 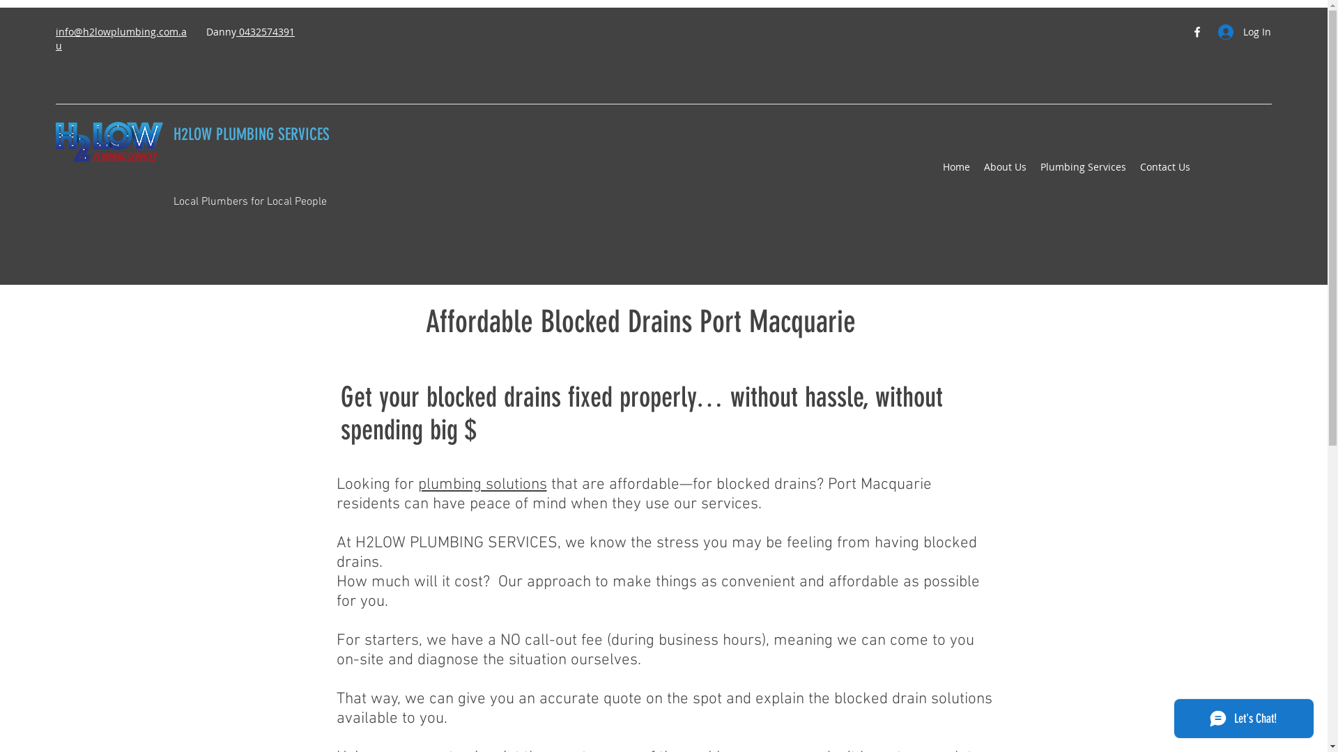 What do you see at coordinates (1164, 166) in the screenshot?
I see `'Contact Us'` at bounding box center [1164, 166].